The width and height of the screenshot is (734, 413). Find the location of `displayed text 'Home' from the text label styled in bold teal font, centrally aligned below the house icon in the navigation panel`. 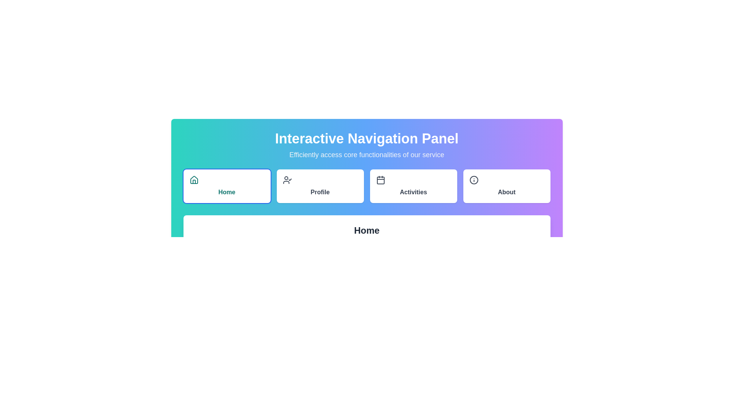

displayed text 'Home' from the text label styled in bold teal font, centrally aligned below the house icon in the navigation panel is located at coordinates (226, 192).